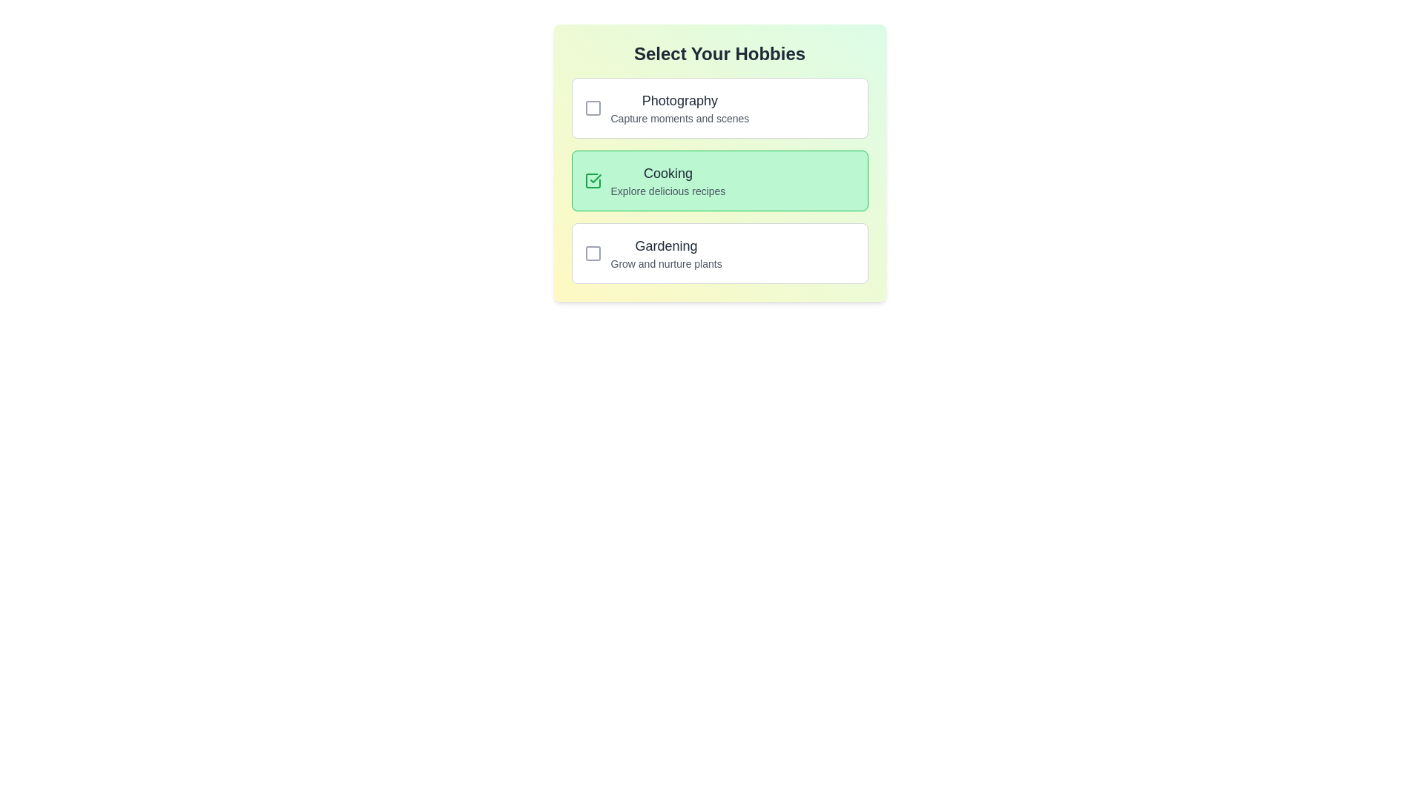 The height and width of the screenshot is (801, 1424). Describe the element at coordinates (592, 253) in the screenshot. I see `the Checkbox-like icon located to the left of the text 'Gardening Grow and nurture plants' within the white card` at that location.